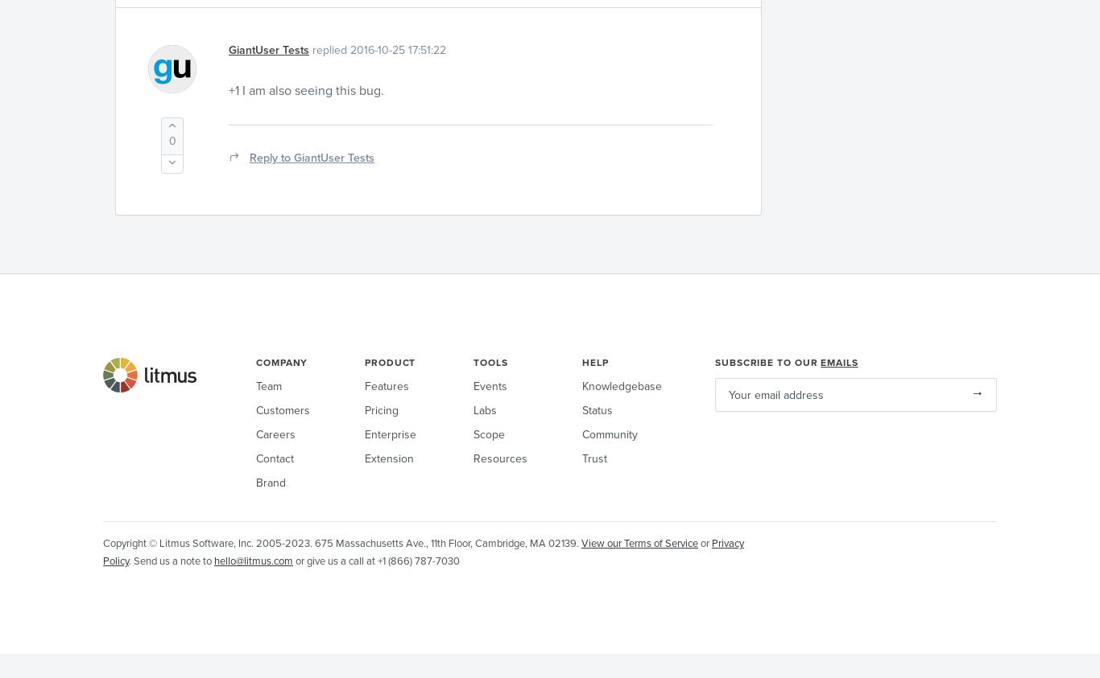  What do you see at coordinates (595, 361) in the screenshot?
I see `'Help'` at bounding box center [595, 361].